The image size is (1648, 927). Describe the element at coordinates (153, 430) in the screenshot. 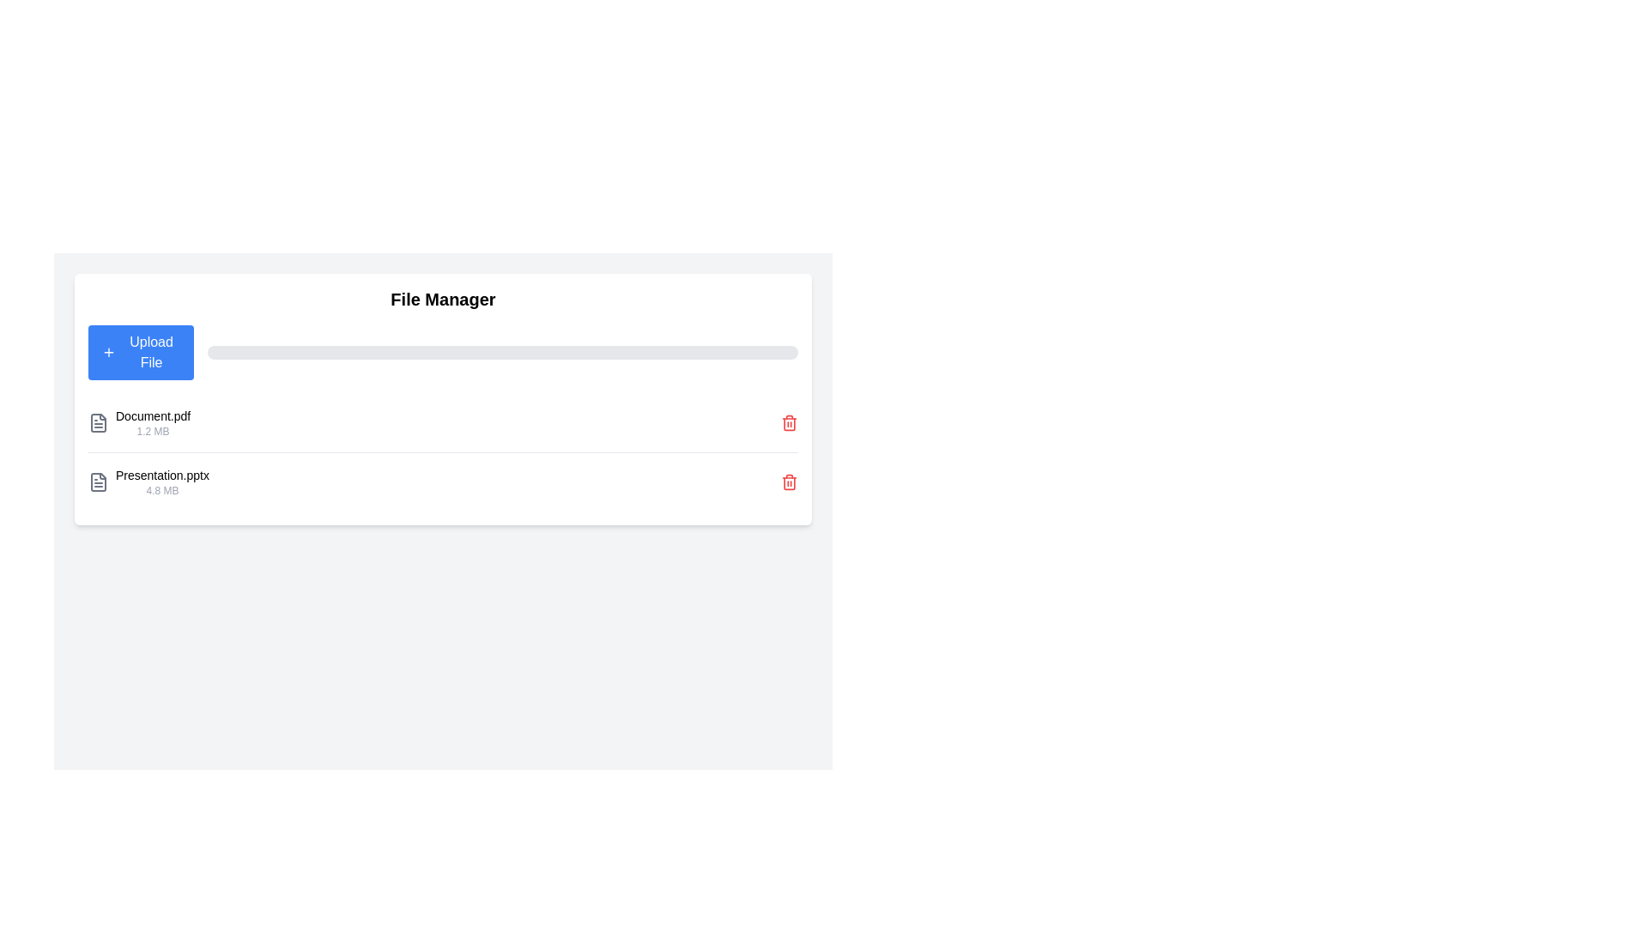

I see `the plain text element displaying '1.2 MB', which indicates the file size and is located beneath 'Document.pdf'` at that location.